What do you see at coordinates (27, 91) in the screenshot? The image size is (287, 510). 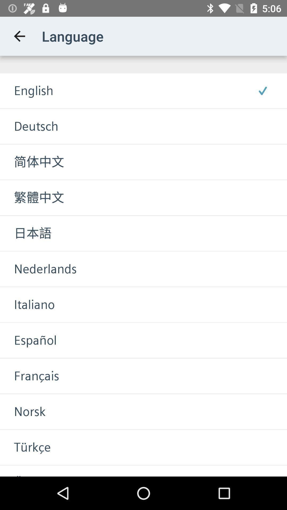 I see `english icon` at bounding box center [27, 91].